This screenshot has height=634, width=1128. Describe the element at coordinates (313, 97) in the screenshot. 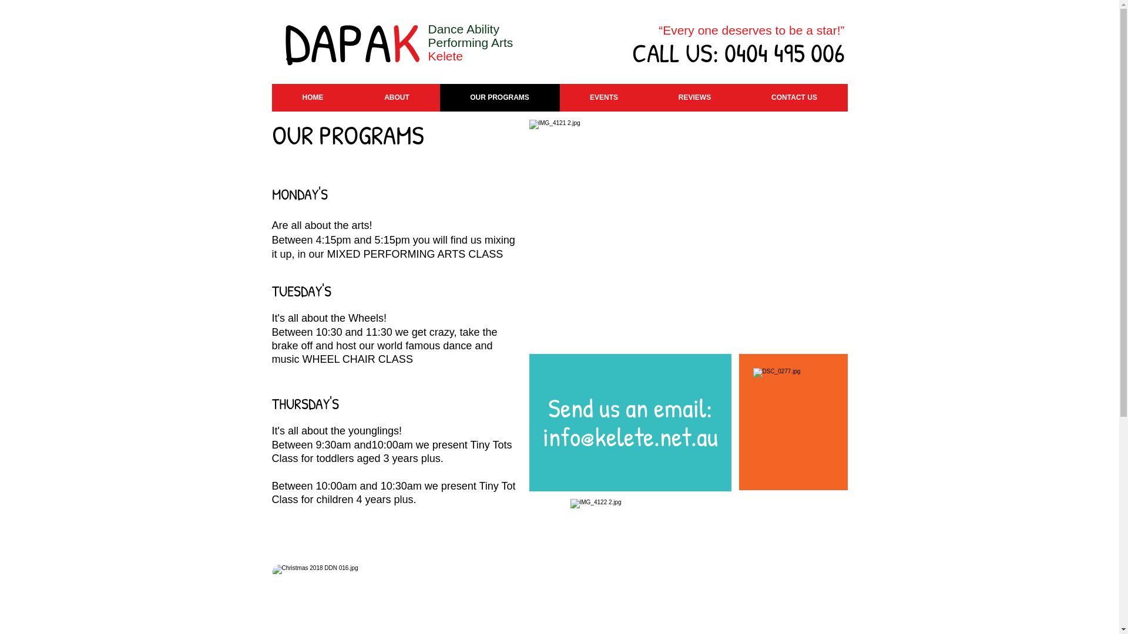

I see `'HOME'` at that location.